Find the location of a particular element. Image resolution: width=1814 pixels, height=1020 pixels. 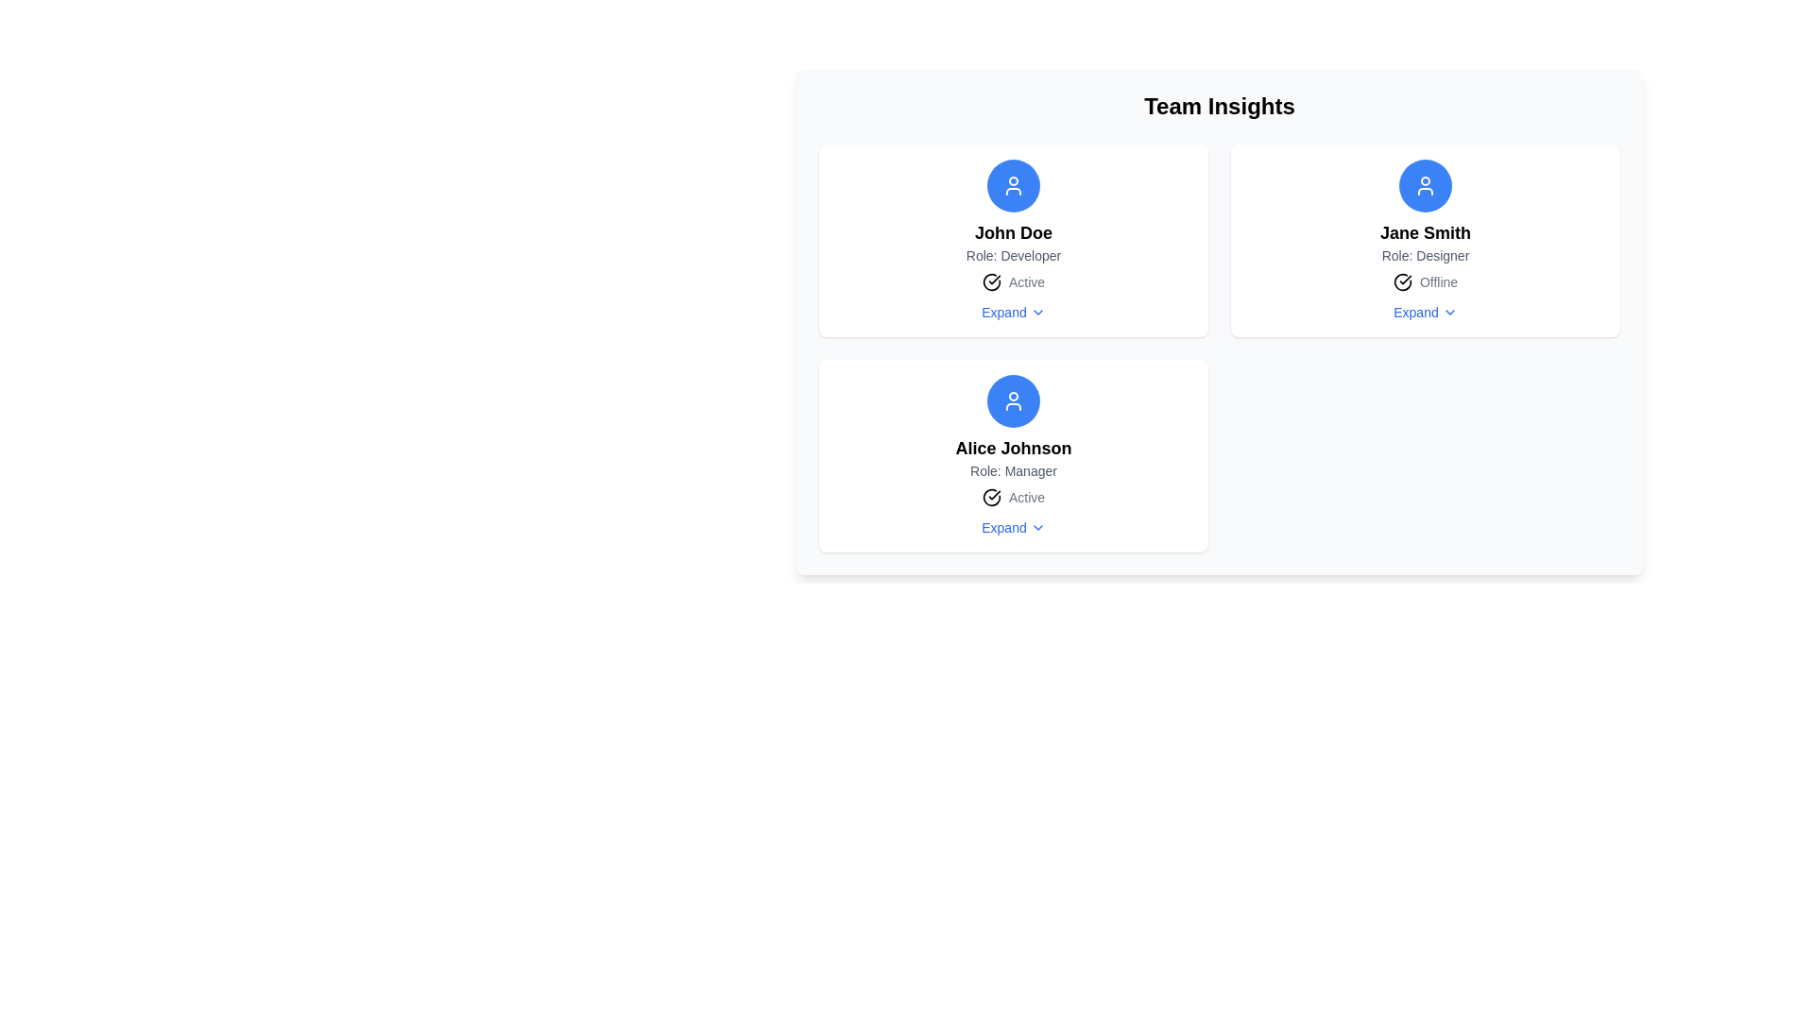

the circular icon with a checkmark inside, located to the left of the 'Active' text on the 'Alice Johnson' card in the 'Team Insights' interface is located at coordinates (990, 282).